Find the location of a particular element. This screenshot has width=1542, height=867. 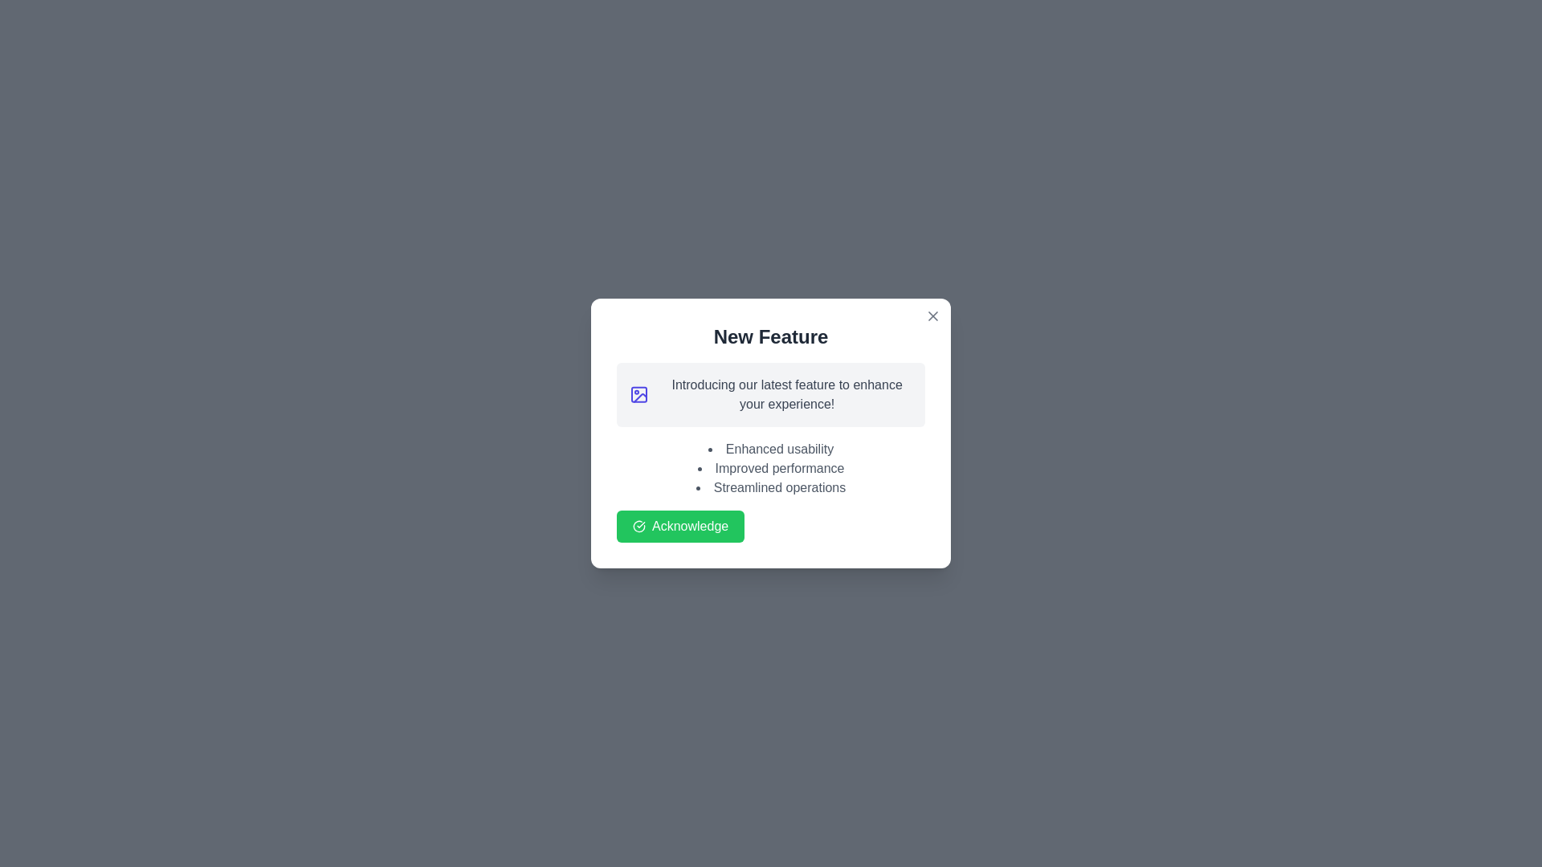

the green checkmark icon that is part of the 'Acknowledge' button in the 'New Feature' dialog box is located at coordinates (638, 526).